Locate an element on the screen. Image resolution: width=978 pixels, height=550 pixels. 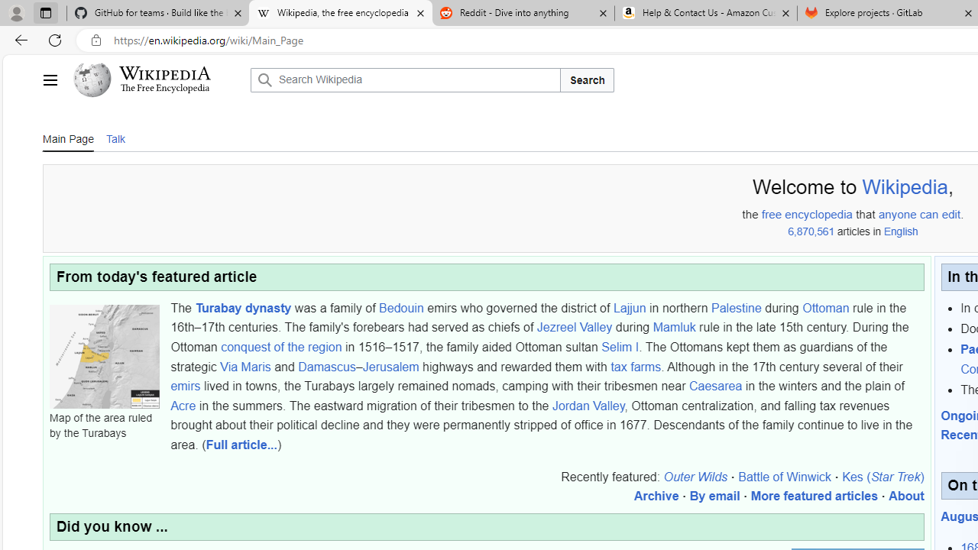
'free' is located at coordinates (771, 215).